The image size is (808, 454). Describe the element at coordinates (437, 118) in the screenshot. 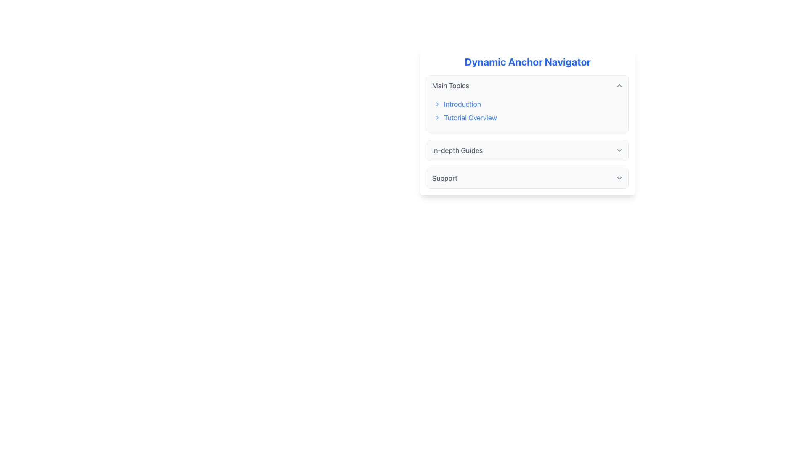

I see `the navigation icon indicating the 'Tutorial Overview' section in the collapsed sidebar menu, positioned adjacent to the text 'Tutorial Overview'` at that location.